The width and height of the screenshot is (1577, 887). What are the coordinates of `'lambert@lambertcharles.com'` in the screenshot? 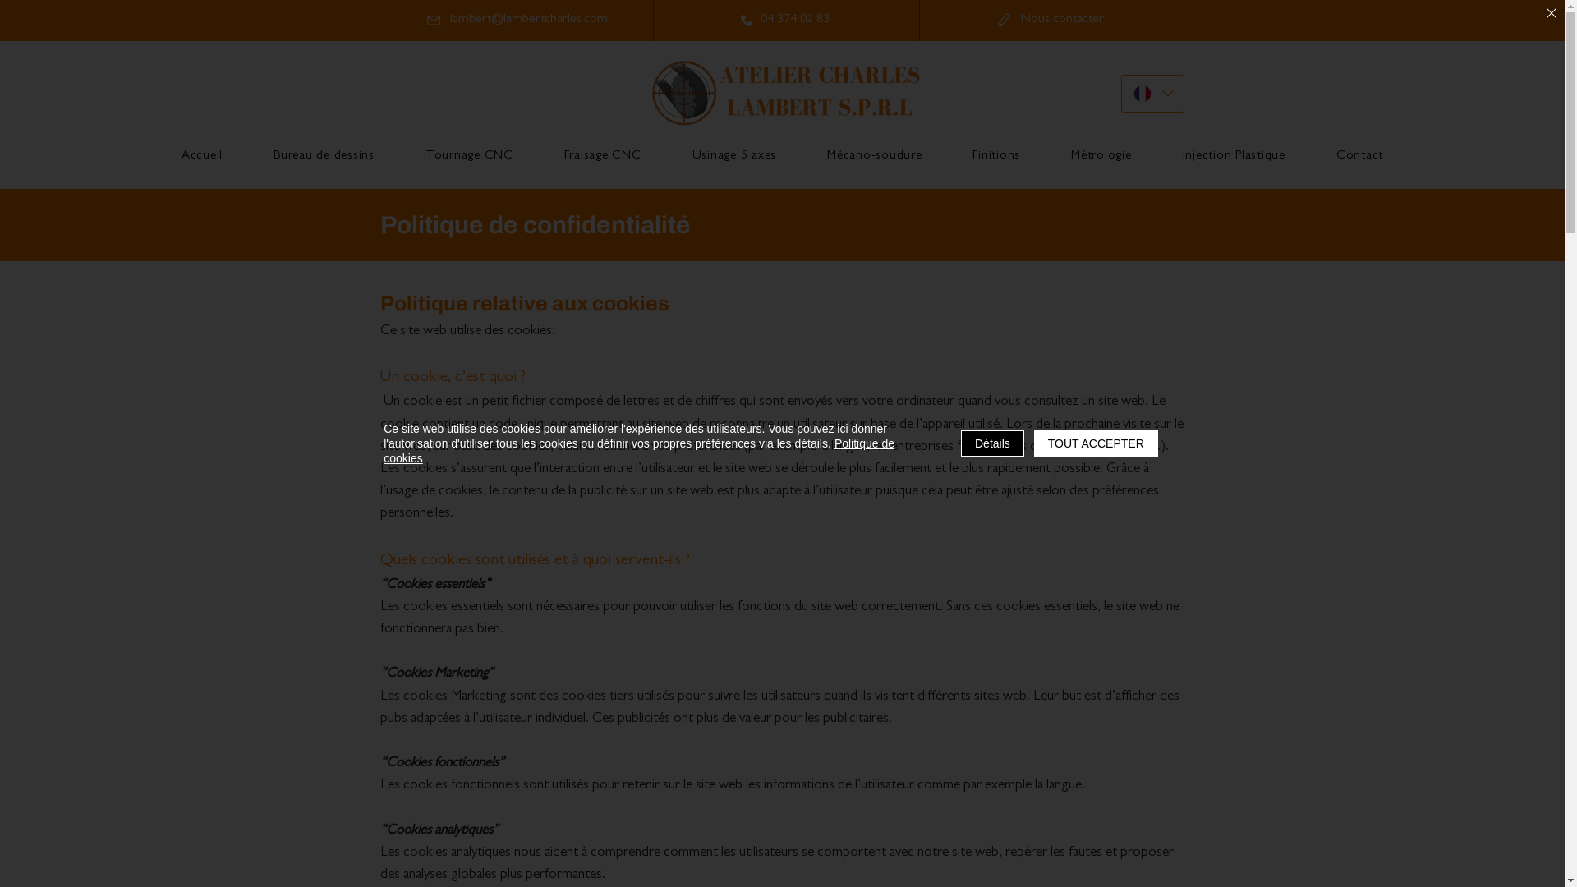 It's located at (515, 20).